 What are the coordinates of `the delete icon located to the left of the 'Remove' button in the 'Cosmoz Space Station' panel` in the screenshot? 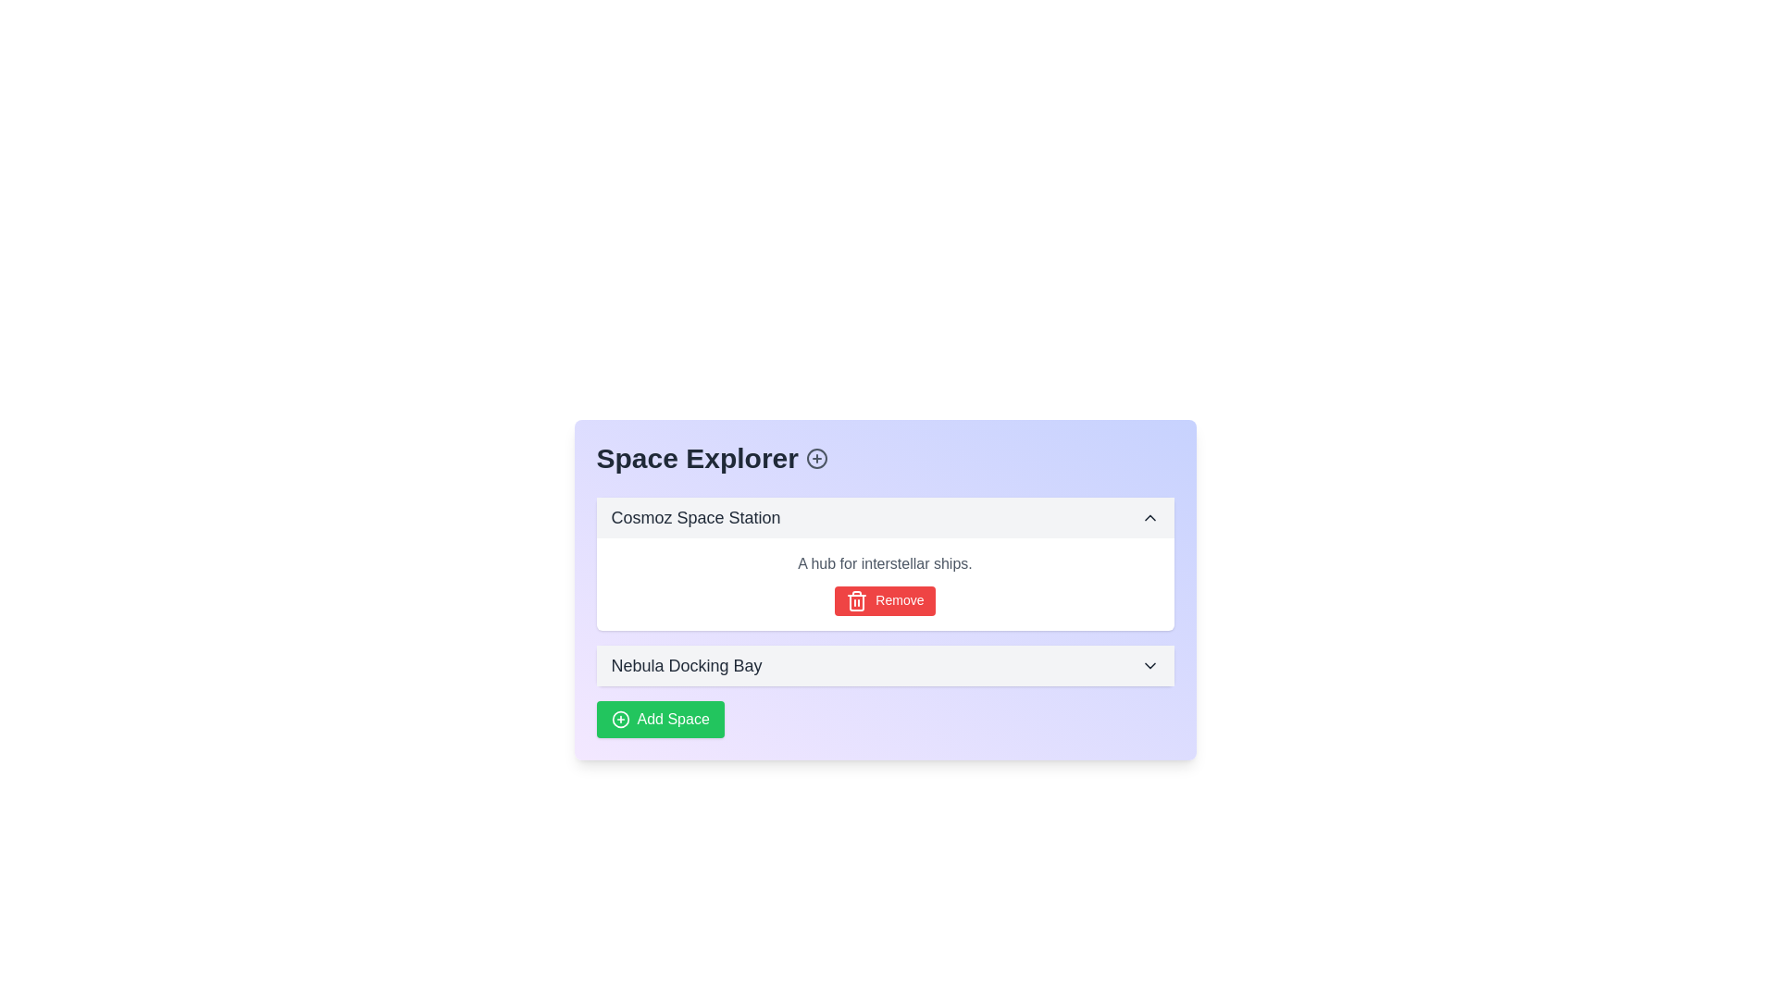 It's located at (856, 601).